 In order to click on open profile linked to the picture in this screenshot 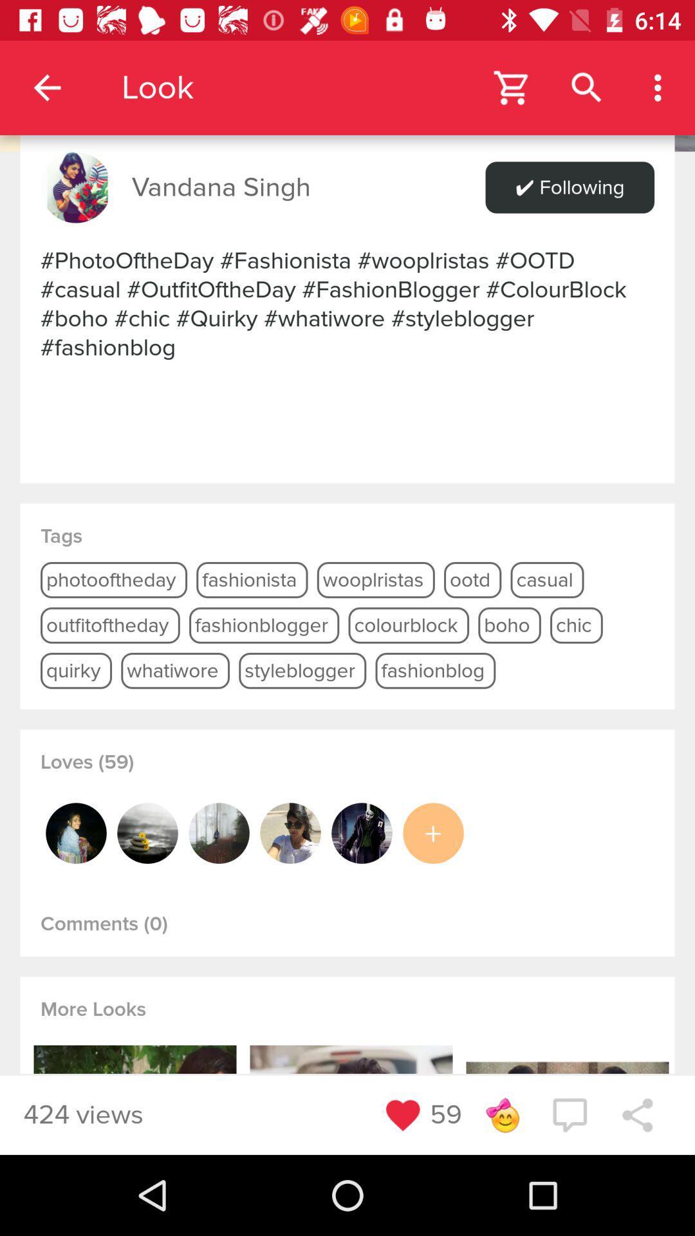, I will do `click(290, 833)`.